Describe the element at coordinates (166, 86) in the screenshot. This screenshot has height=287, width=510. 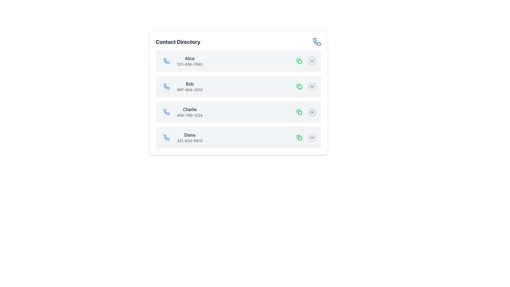
I see `the phone icon representing the option to initiate a call or view call-related details for the contact 'Bob', located to the left of the text 'Bob' with the phone number '987-654-3210'` at that location.